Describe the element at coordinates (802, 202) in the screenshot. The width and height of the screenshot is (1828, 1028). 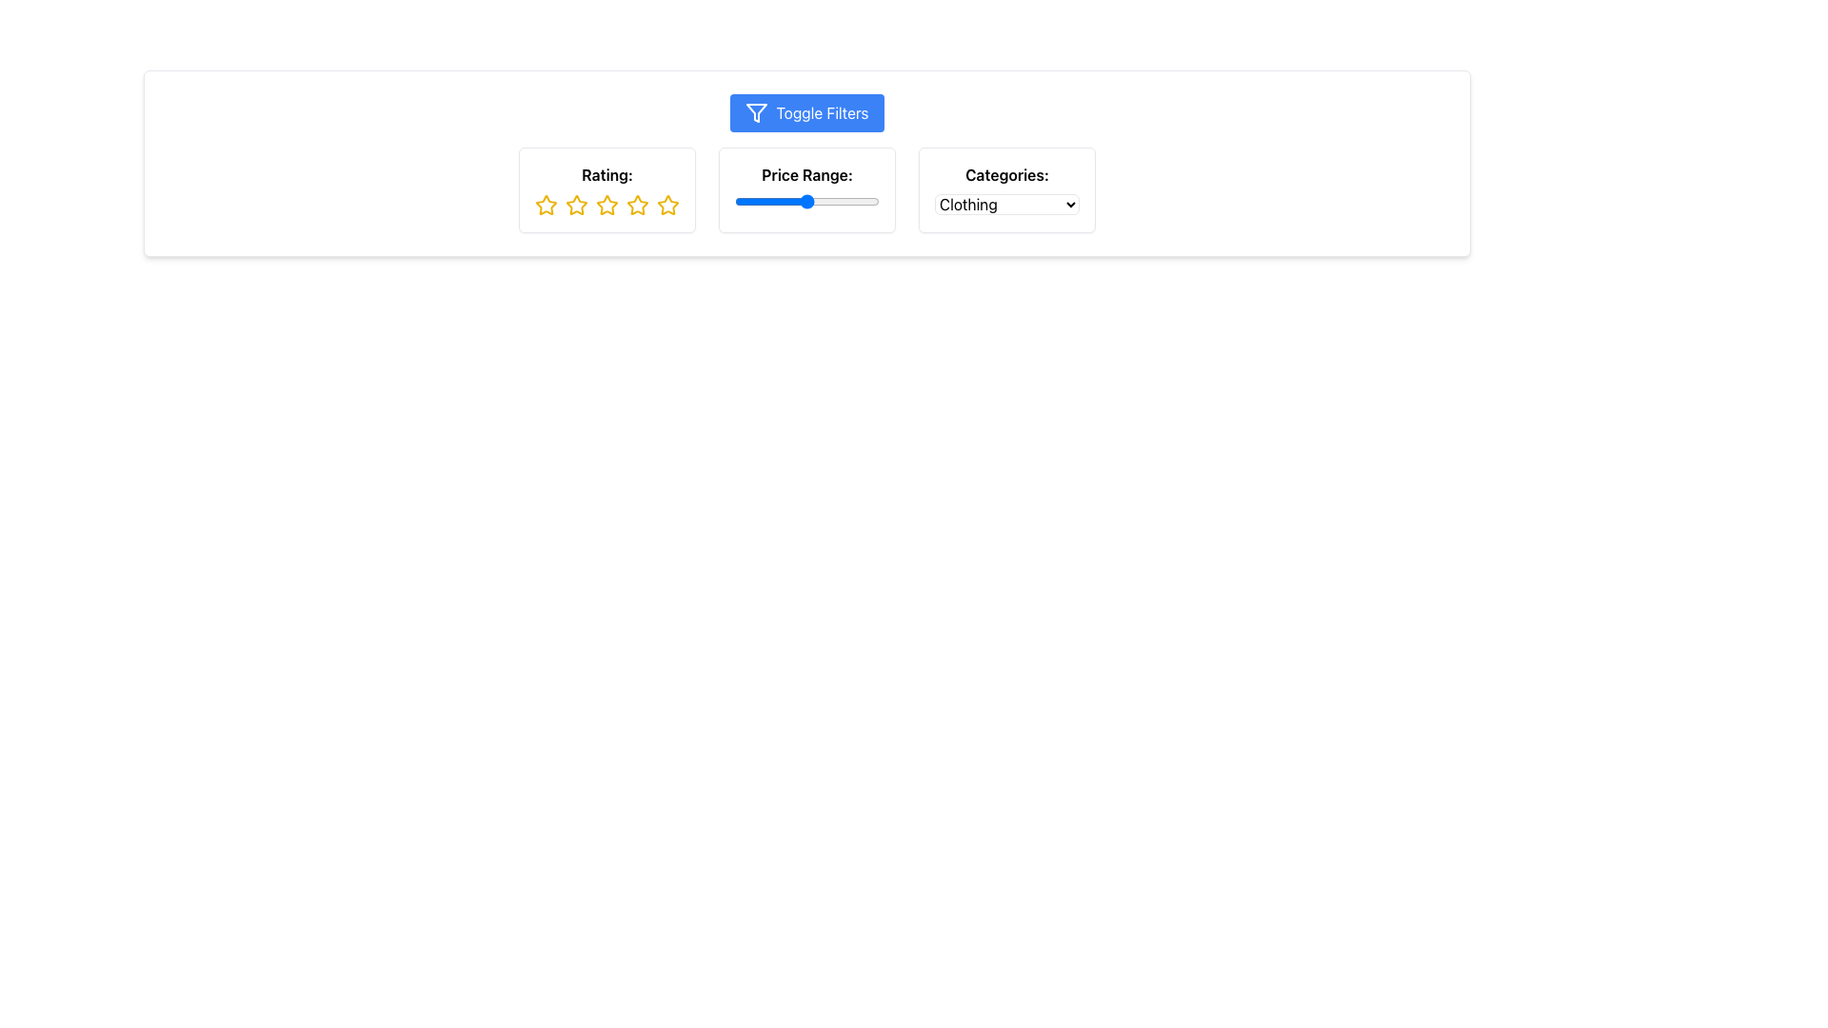
I see `the price range slider` at that location.